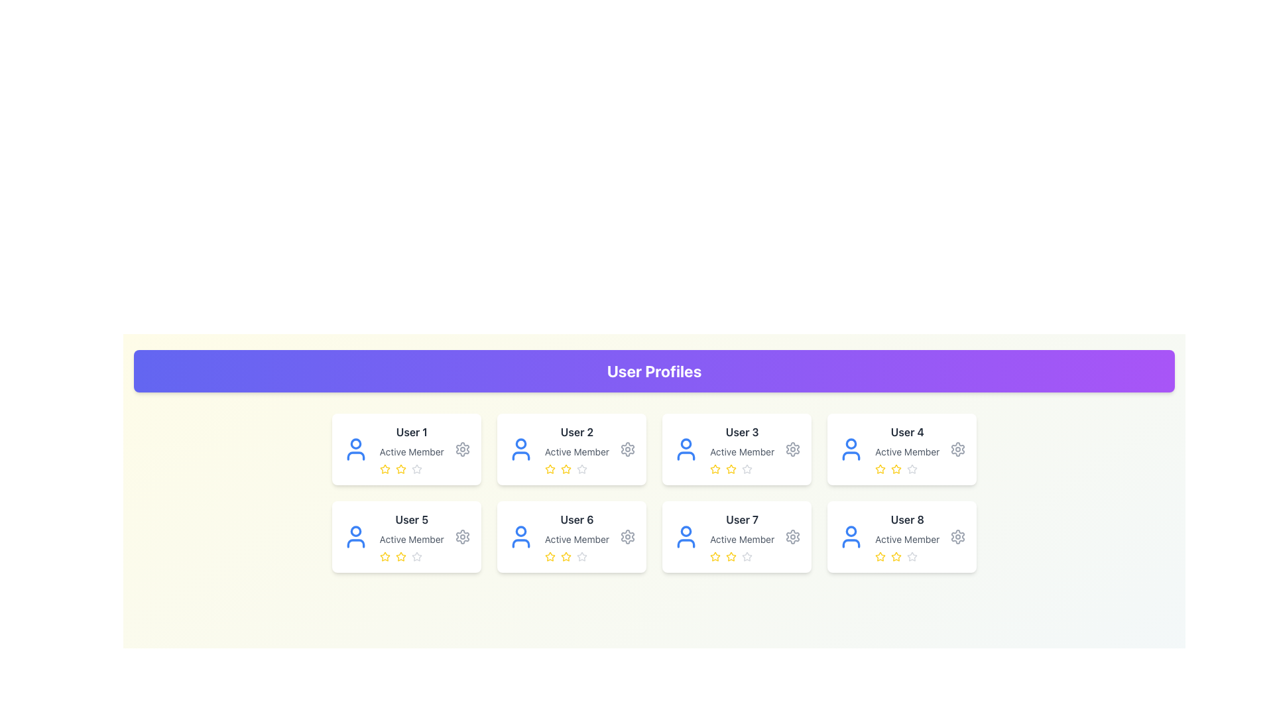 This screenshot has width=1273, height=716. What do you see at coordinates (462, 537) in the screenshot?
I see `the cogwheel icon button located in the second row, first column of the grid layout under the tile labeled 'User 5'` at bounding box center [462, 537].